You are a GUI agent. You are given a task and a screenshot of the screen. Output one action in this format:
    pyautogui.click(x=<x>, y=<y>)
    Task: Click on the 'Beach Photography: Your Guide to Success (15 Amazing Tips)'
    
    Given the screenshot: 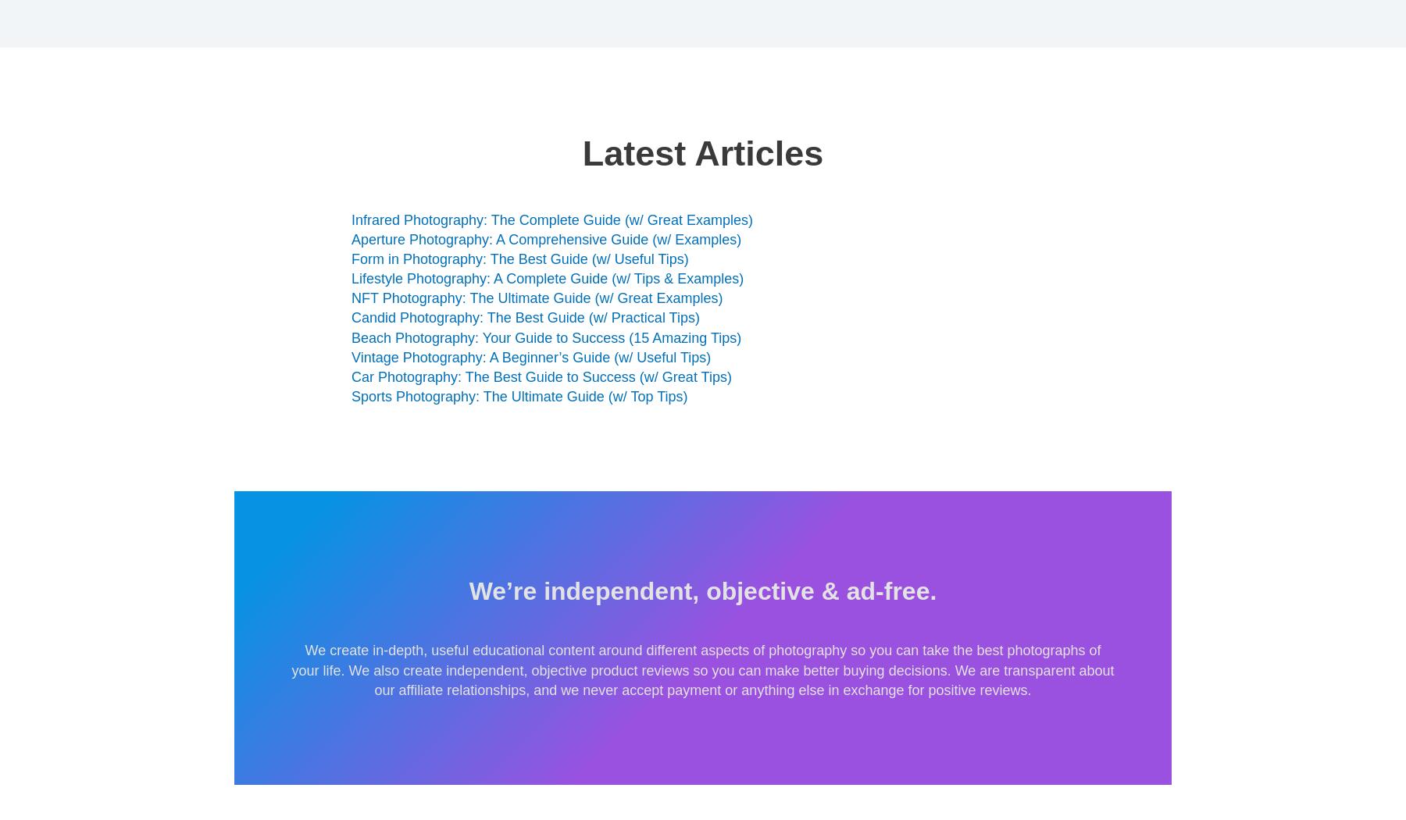 What is the action you would take?
    pyautogui.click(x=545, y=336)
    